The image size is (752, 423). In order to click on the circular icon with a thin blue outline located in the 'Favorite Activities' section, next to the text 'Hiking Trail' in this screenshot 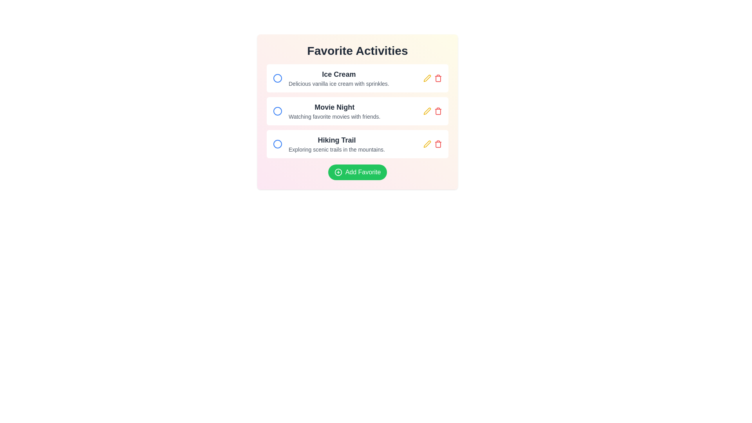, I will do `click(278, 144)`.